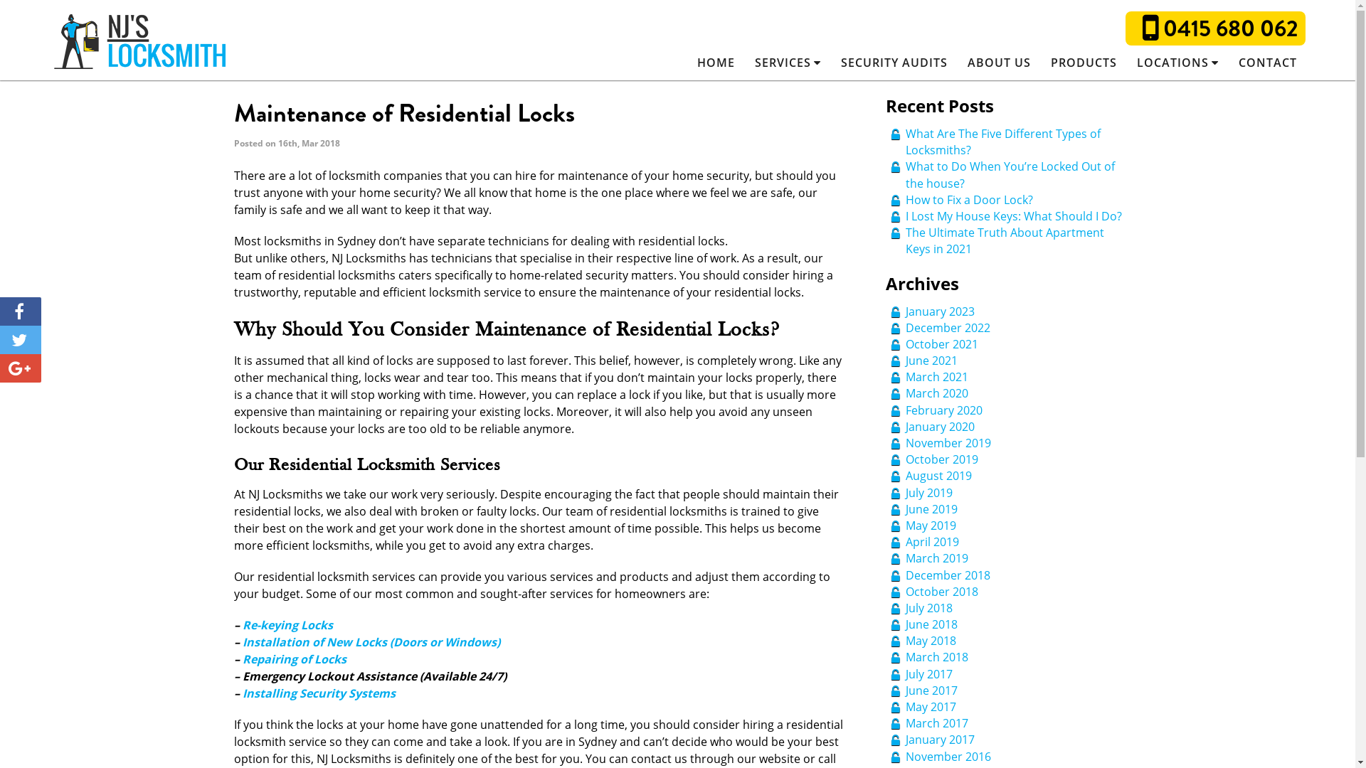 This screenshot has height=768, width=1366. What do you see at coordinates (936, 558) in the screenshot?
I see `'March 2019'` at bounding box center [936, 558].